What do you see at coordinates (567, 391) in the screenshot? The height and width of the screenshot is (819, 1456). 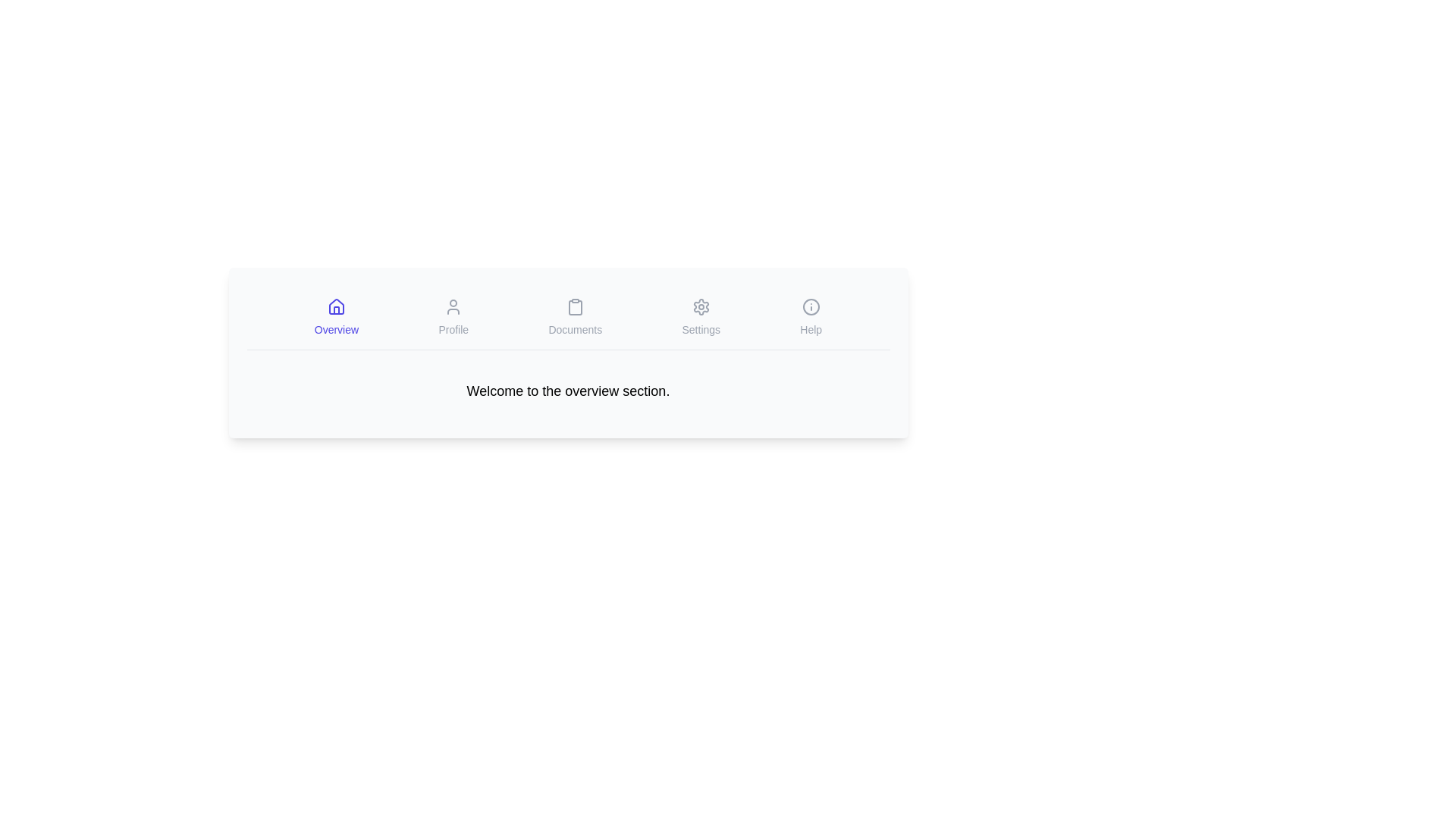 I see `the text label that displays a greeting or introductory message located beneath the navigation options in the header layout` at bounding box center [567, 391].